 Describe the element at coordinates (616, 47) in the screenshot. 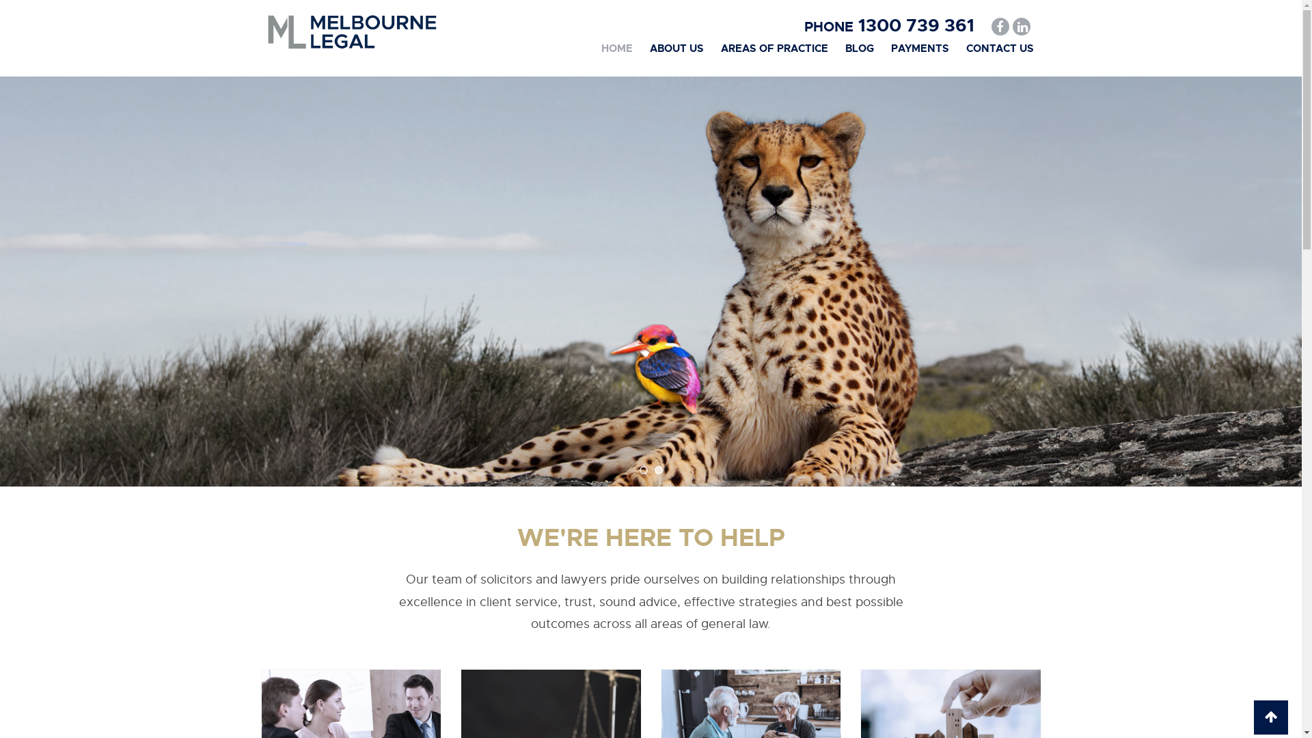

I see `'HOME'` at that location.